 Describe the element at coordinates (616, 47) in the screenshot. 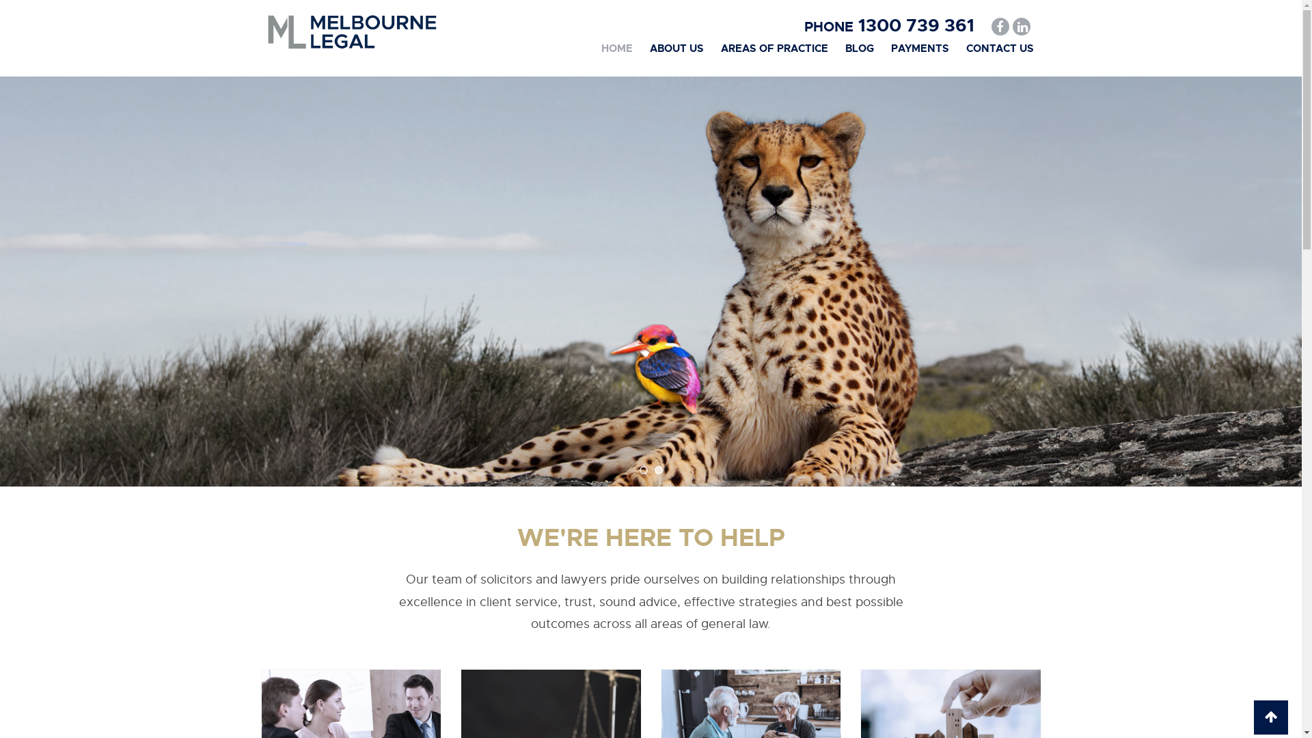

I see `'HOME'` at that location.